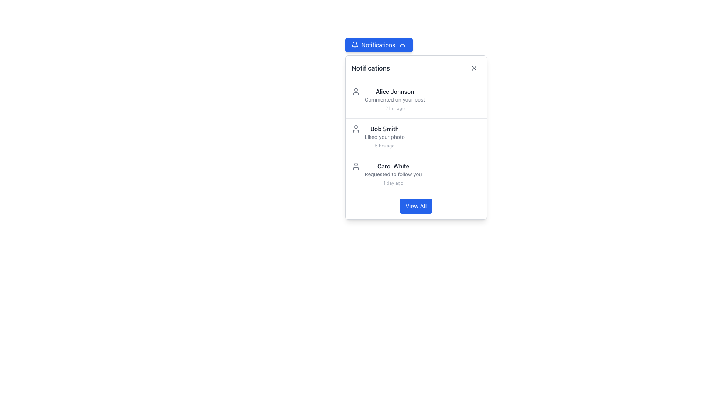 This screenshot has width=709, height=399. I want to click on the downward-facing chevron icon, so click(402, 45).